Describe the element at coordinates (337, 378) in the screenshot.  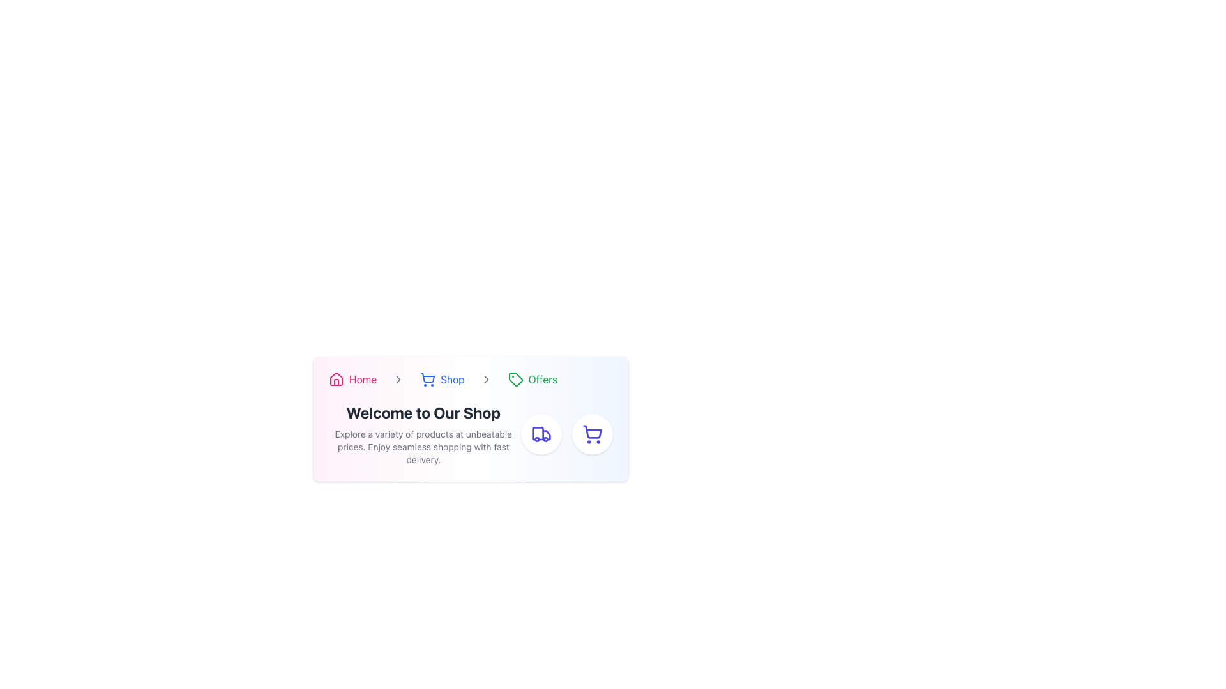
I see `the 'Home' breadcrumb navigation item which contains the home icon` at that location.